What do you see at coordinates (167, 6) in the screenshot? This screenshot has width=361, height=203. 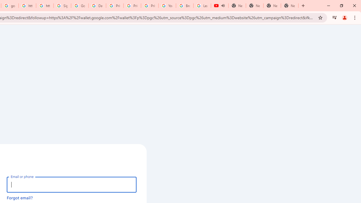 I see `'YouTube'` at bounding box center [167, 6].